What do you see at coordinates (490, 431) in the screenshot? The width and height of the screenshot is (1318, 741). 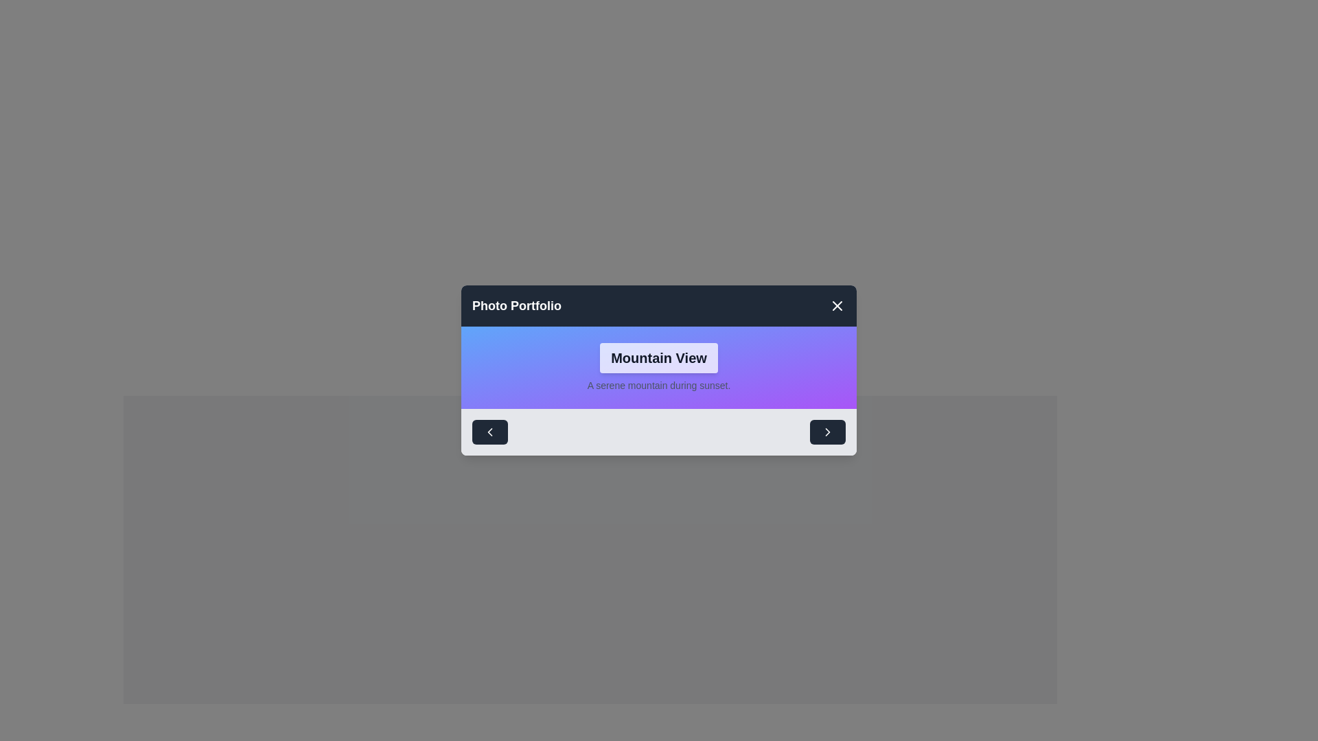 I see `the rounded rectangular button with a dark gray background and a white chevron pointing to the left` at bounding box center [490, 431].